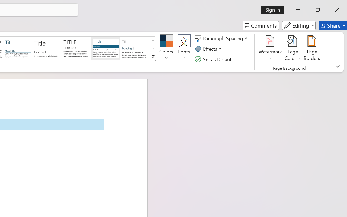 The height and width of the screenshot is (217, 347). I want to click on 'Shaded', so click(105, 48).